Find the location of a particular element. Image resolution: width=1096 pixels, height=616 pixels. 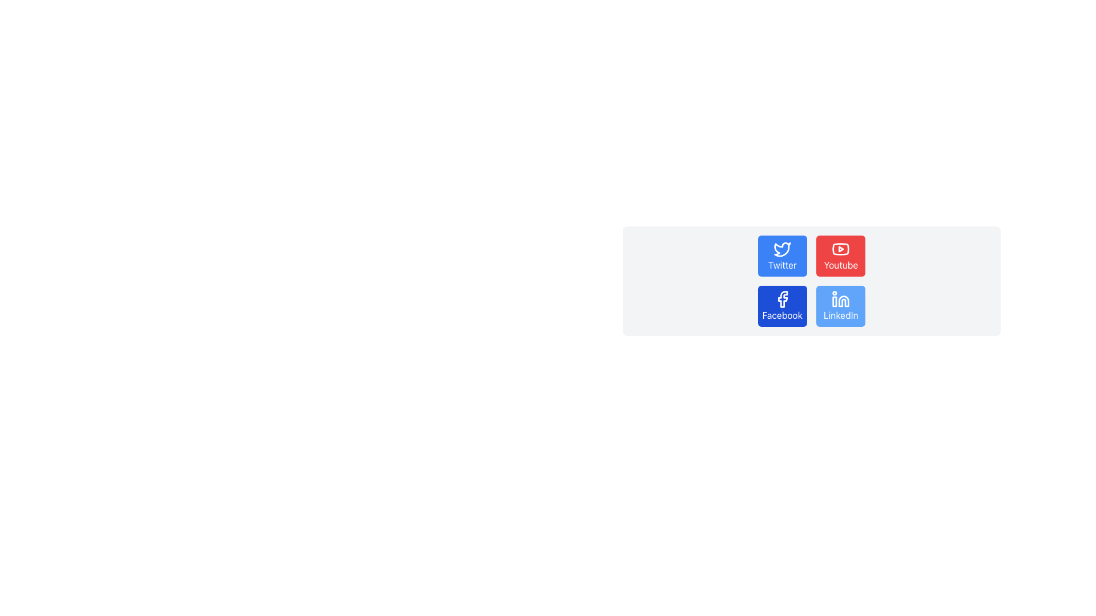

the second button in the first row of a 2x2 grid layout, which serves as a link to the Youtube platform, to trigger the hover effect is located at coordinates (841, 255).